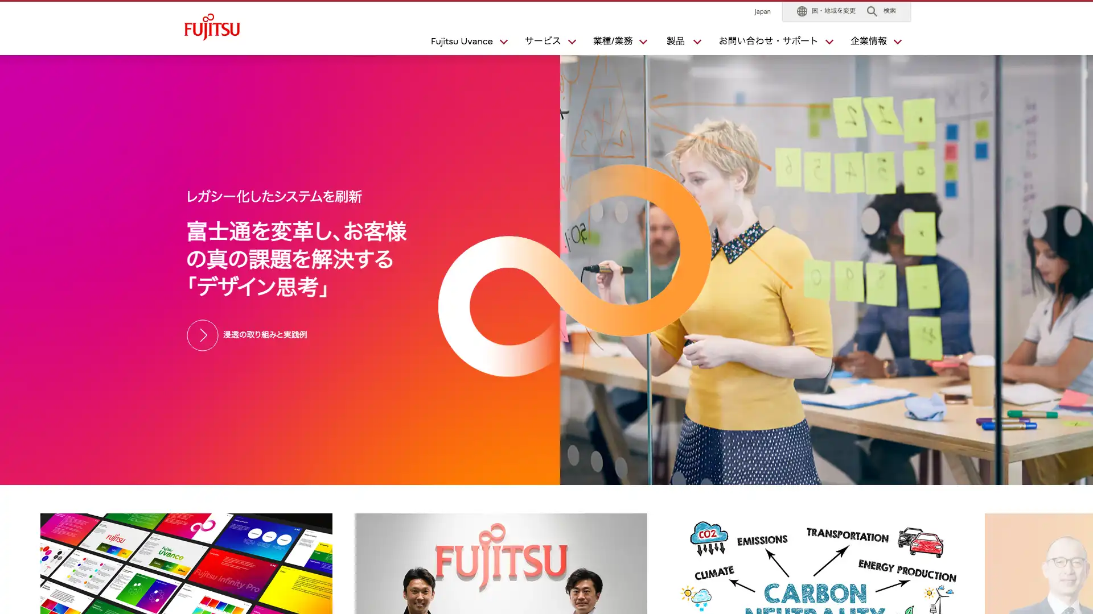  I want to click on Fujitsu Uvance, so click(463, 43).